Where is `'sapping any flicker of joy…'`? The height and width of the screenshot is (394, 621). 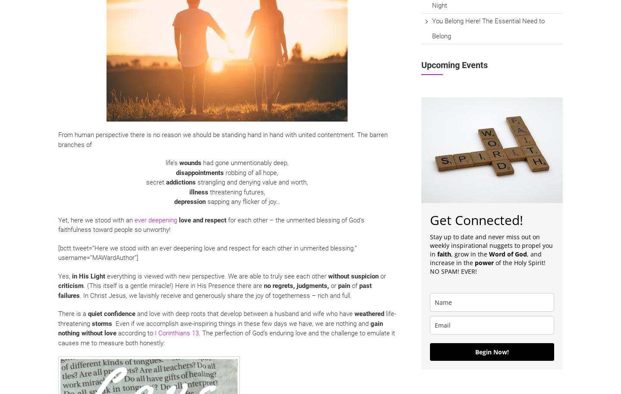
'sapping any flicker of joy…' is located at coordinates (242, 201).